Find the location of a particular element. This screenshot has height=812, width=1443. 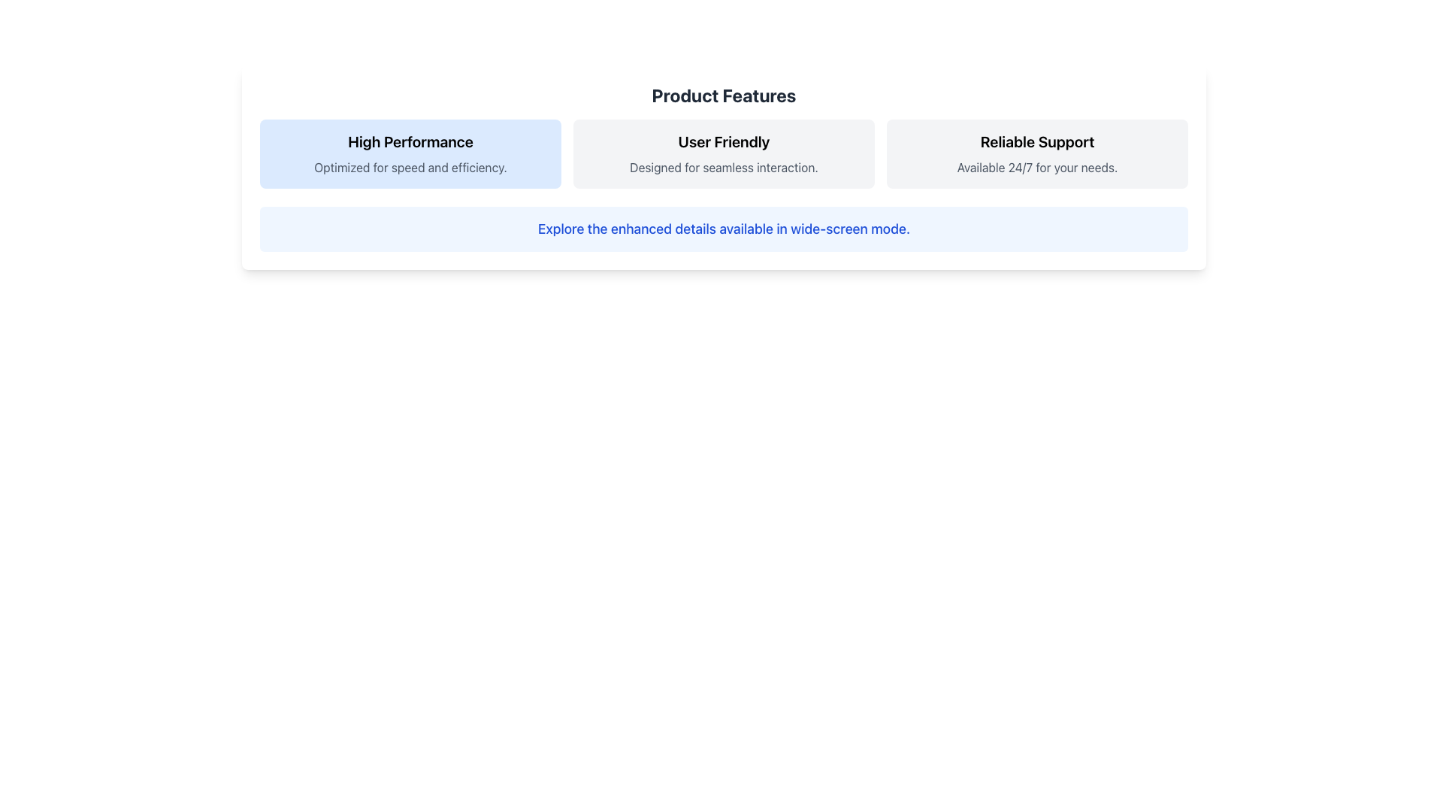

the text label displaying 'Designed for seamless interaction.' which is positioned below 'User Friendly' in a rounded rectangle with a light gray background is located at coordinates (724, 168).